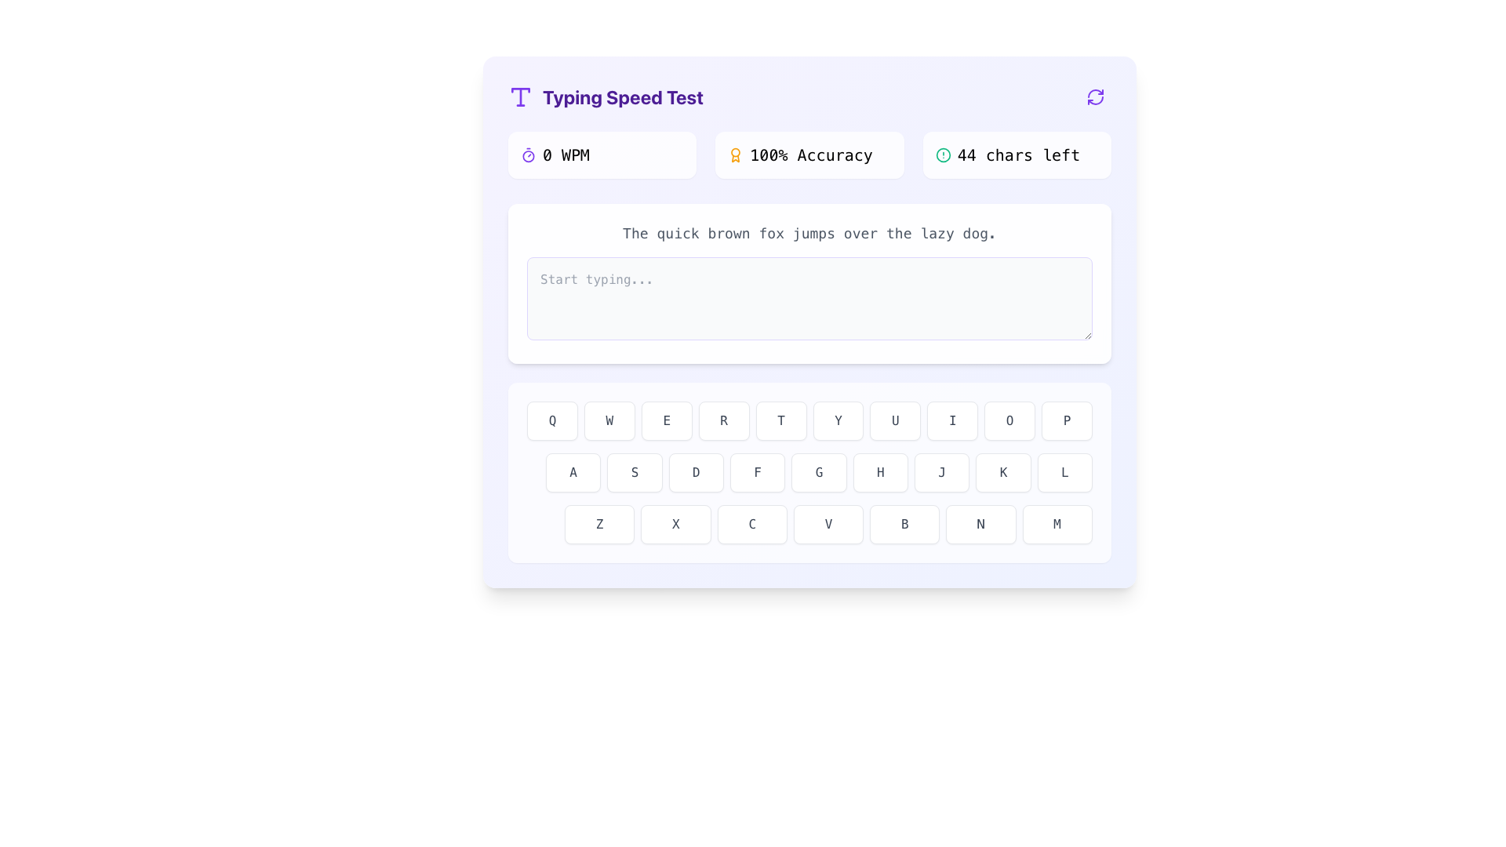  Describe the element at coordinates (520, 90) in the screenshot. I see `the decorative line segment within the SVG graphic that represents 'Typing Speed Test' located near the top of the interface` at that location.